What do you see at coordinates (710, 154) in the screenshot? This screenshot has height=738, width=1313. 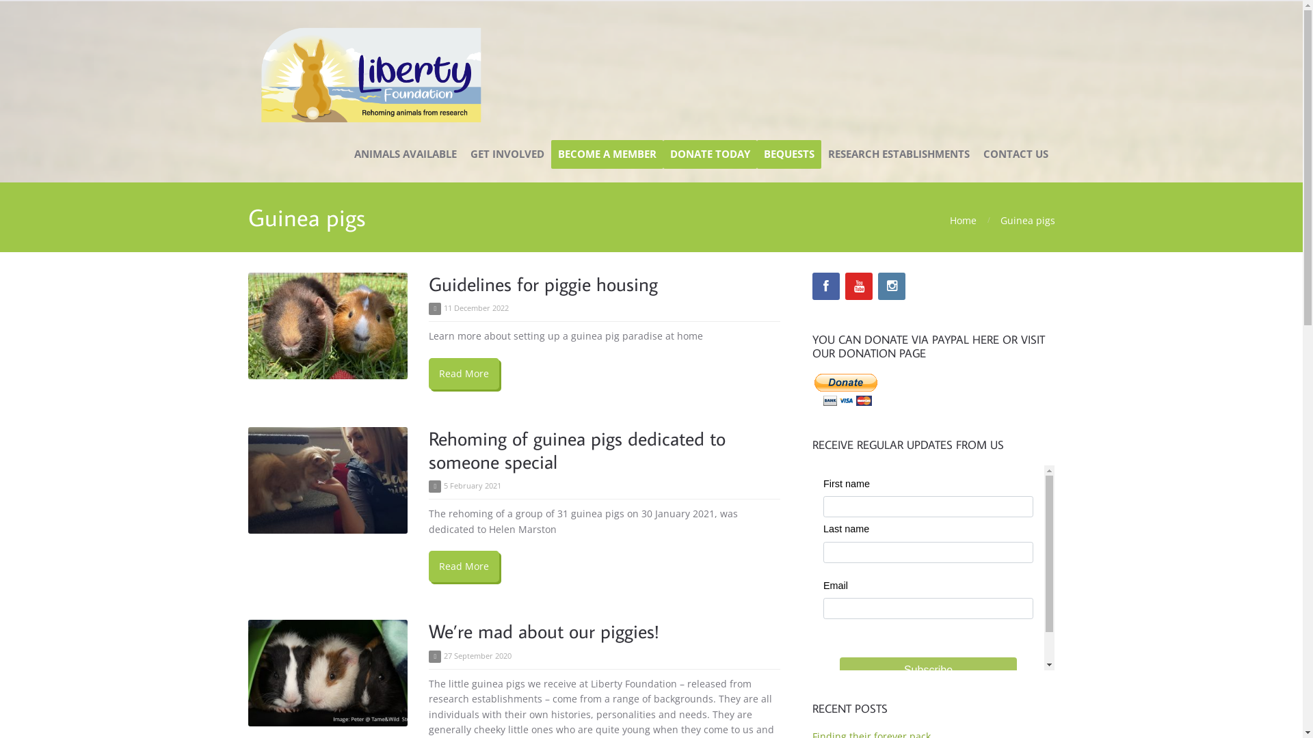 I see `'DONATE TODAY'` at bounding box center [710, 154].